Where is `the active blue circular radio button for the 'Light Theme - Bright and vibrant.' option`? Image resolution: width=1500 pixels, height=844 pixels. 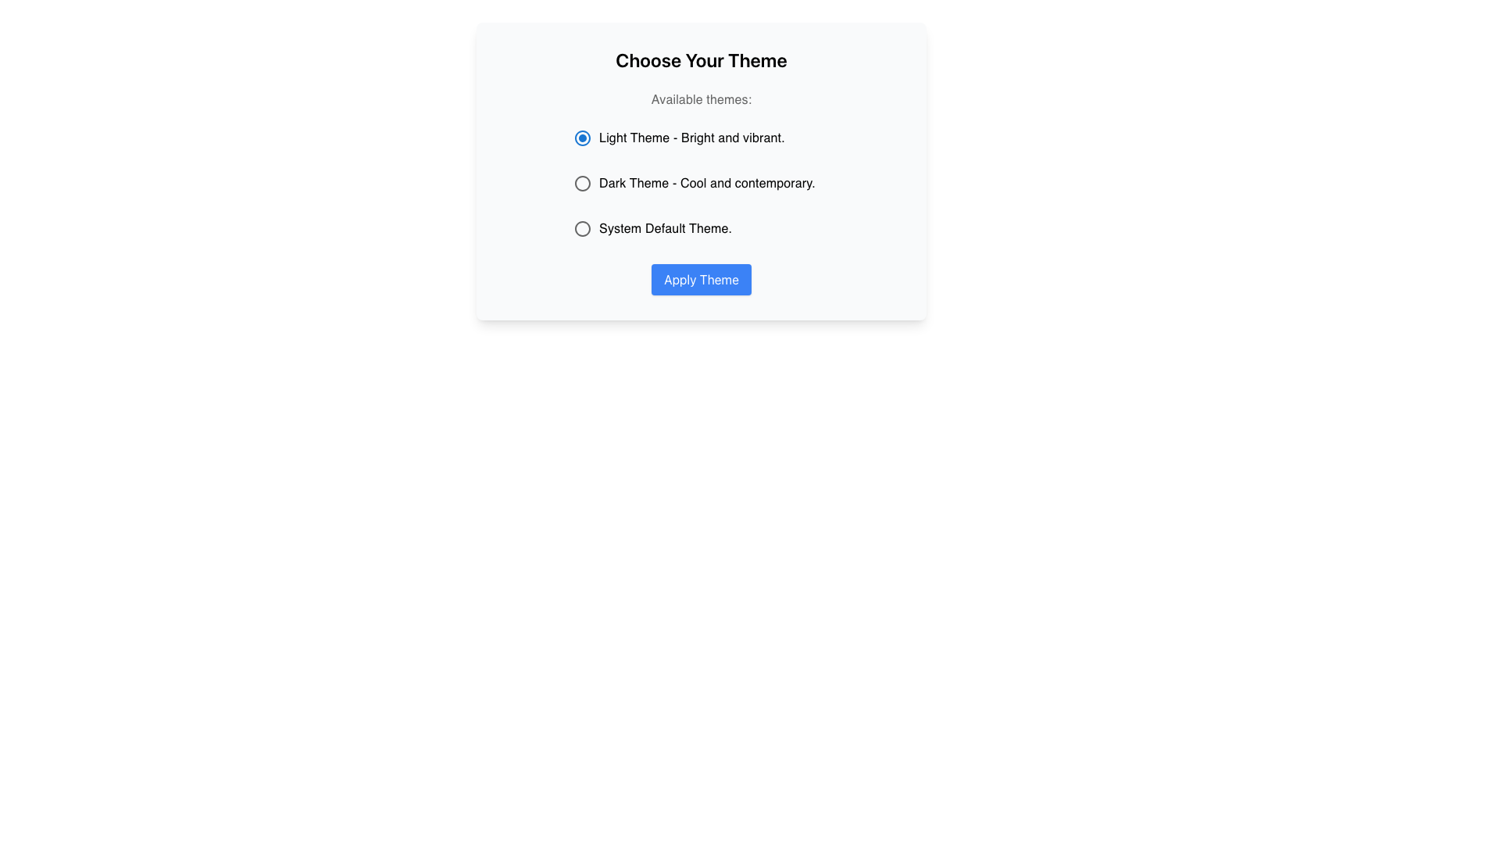
the active blue circular radio button for the 'Light Theme - Bright and vibrant.' option is located at coordinates (582, 138).